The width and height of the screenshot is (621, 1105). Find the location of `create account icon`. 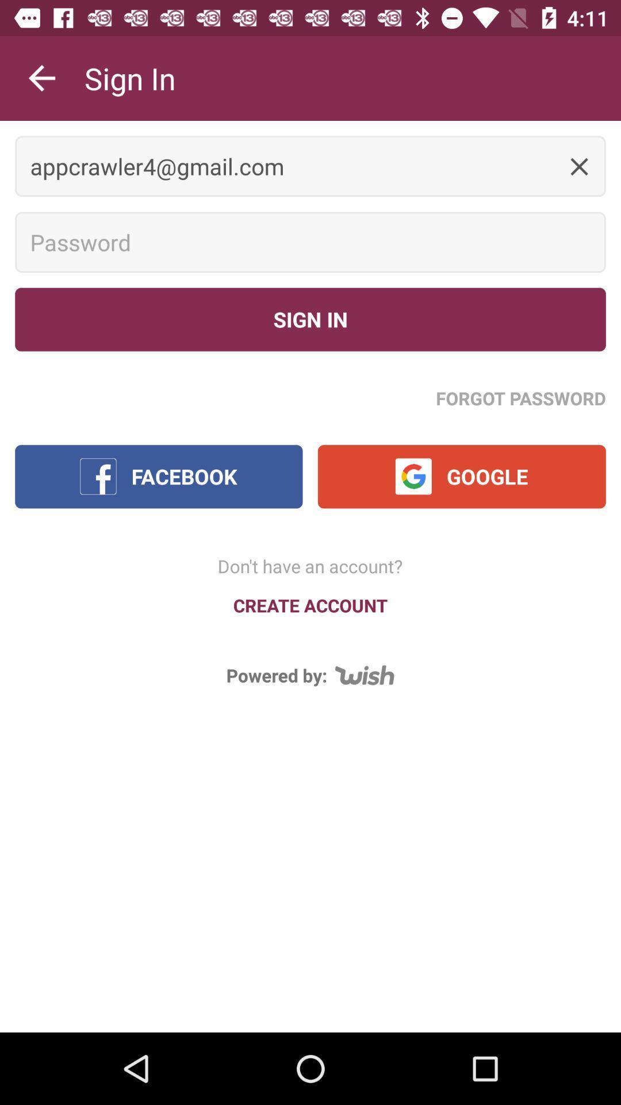

create account icon is located at coordinates (310, 605).